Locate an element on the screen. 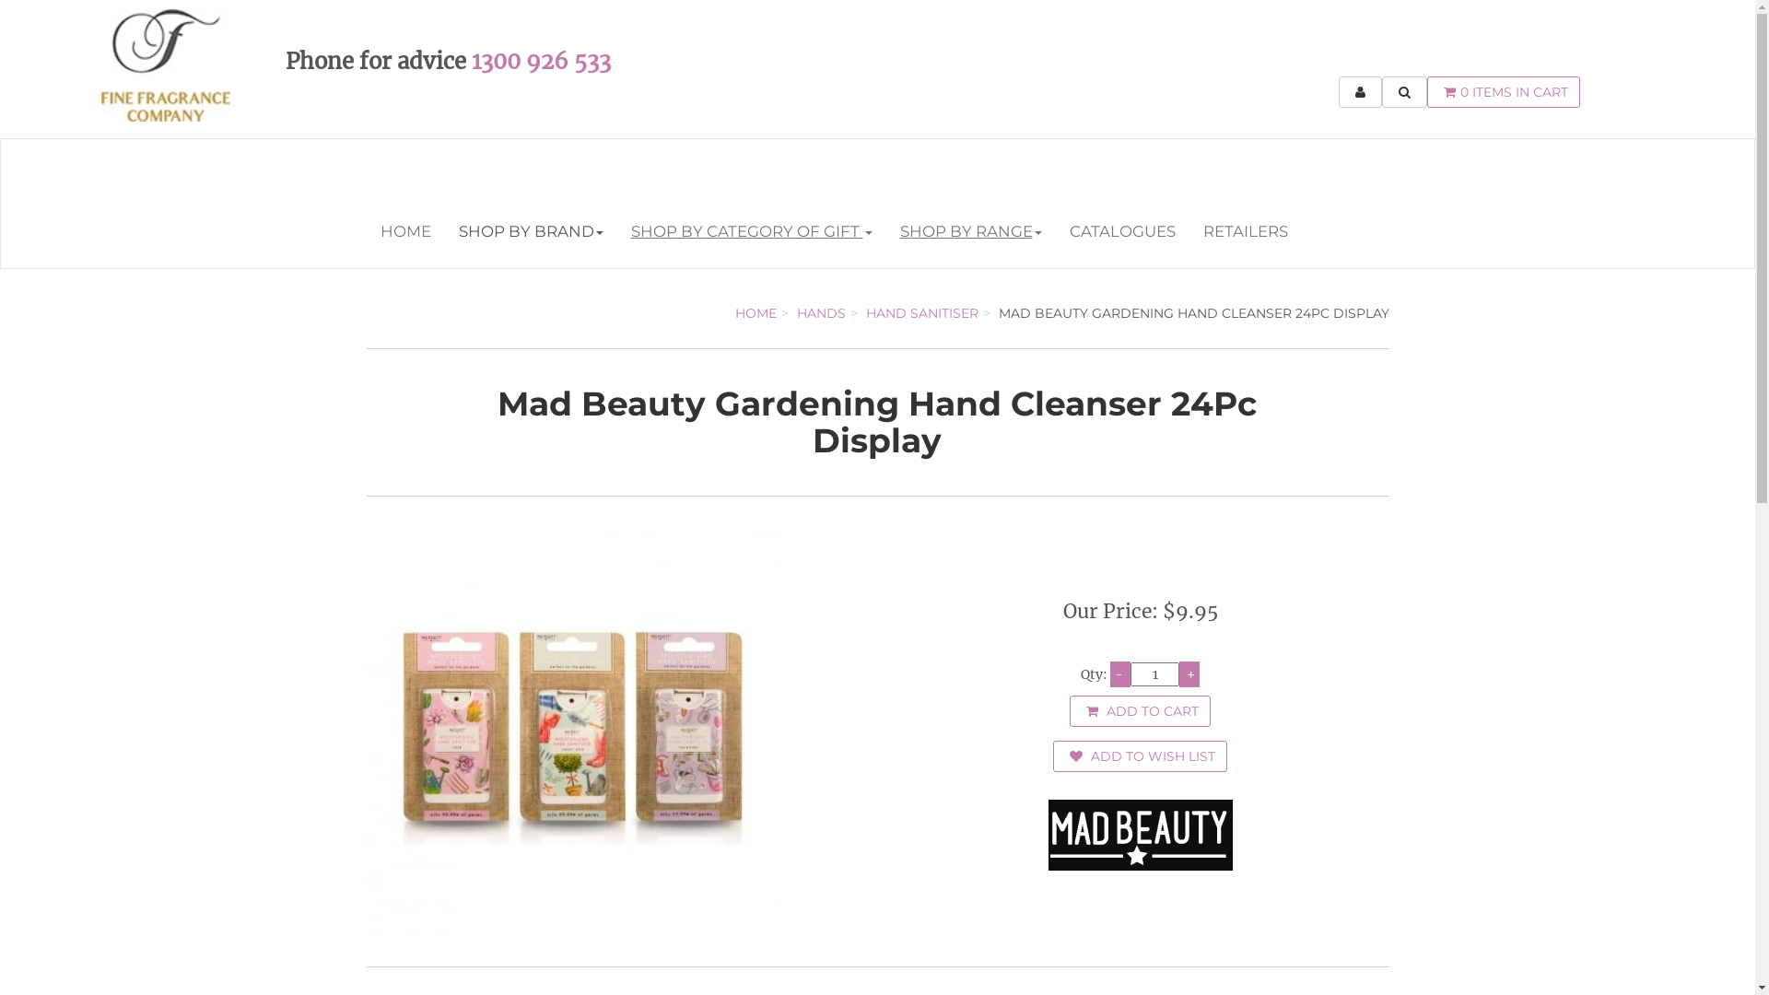 This screenshot has width=1769, height=995. 'HAND SANITISER' is located at coordinates (922, 311).